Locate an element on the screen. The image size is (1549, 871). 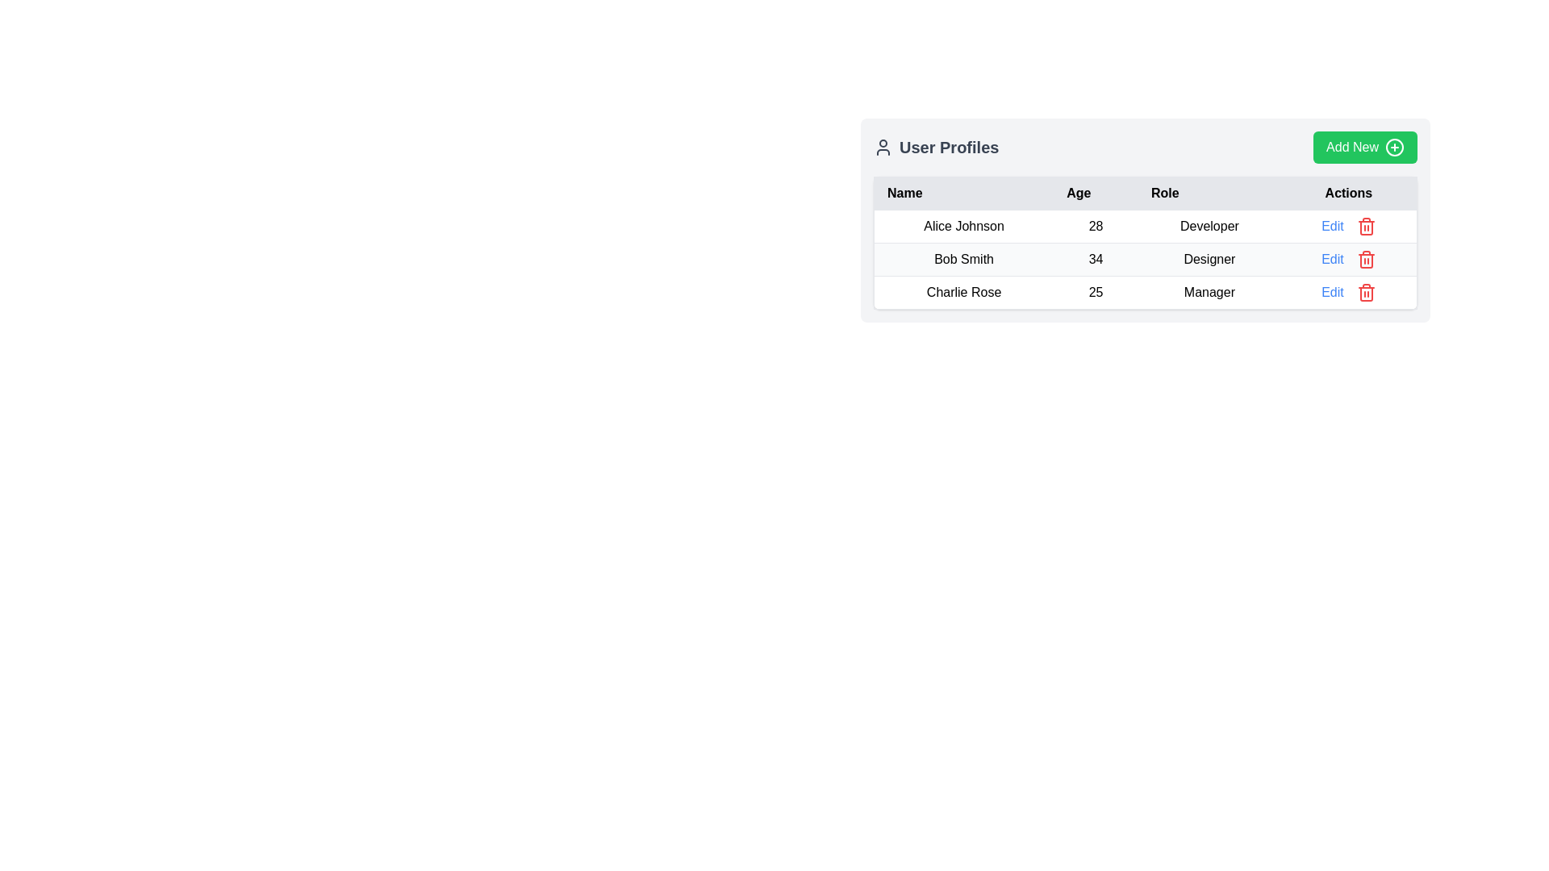
the static text displaying the age of 'Alice Johnson' located in the second column of the table is located at coordinates (1096, 227).